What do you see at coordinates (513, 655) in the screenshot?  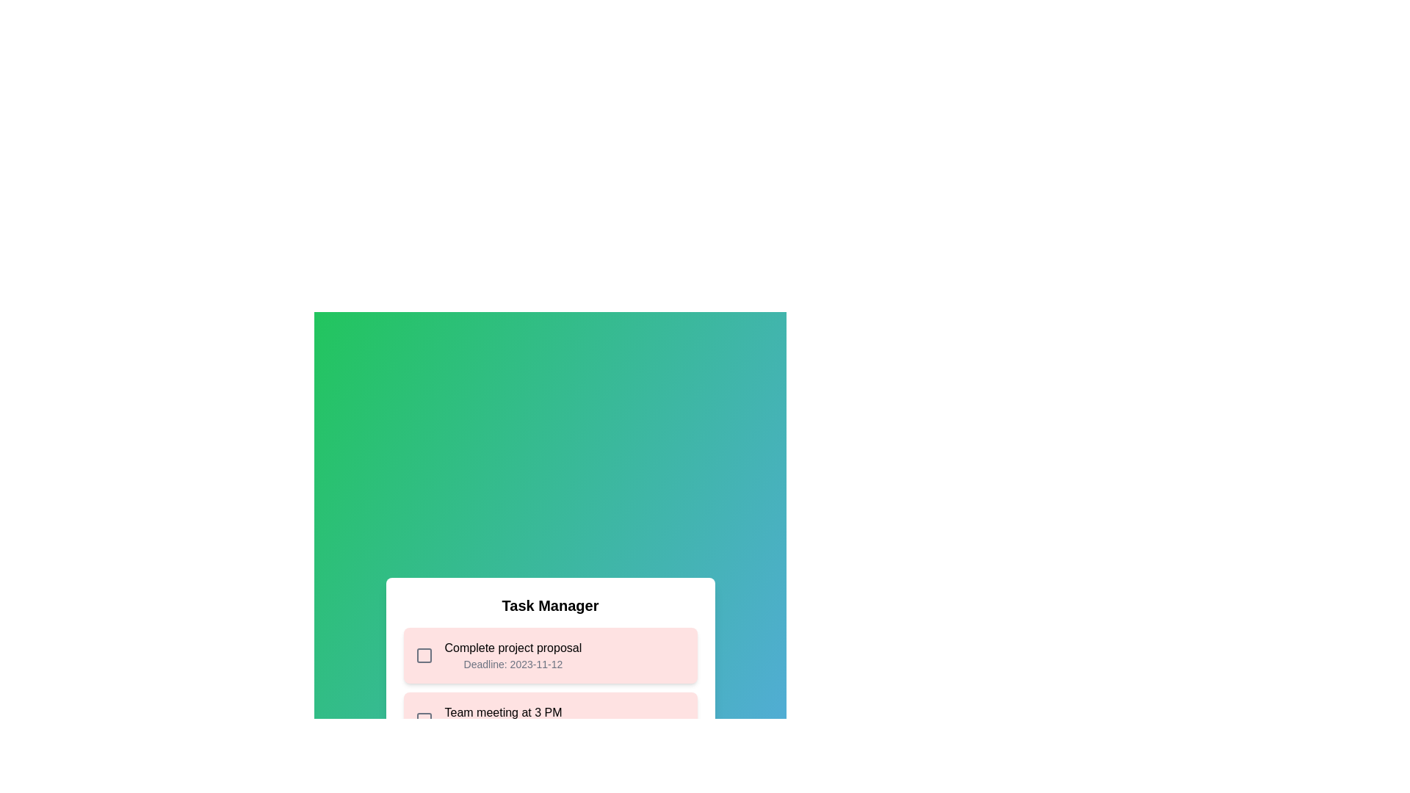 I see `the text block titled 'Complete project proposal' with a subtitle 'Deadline: 2023-11-12' presented within a pink rounded rectangle, located in the 'Task Manager' section` at bounding box center [513, 655].